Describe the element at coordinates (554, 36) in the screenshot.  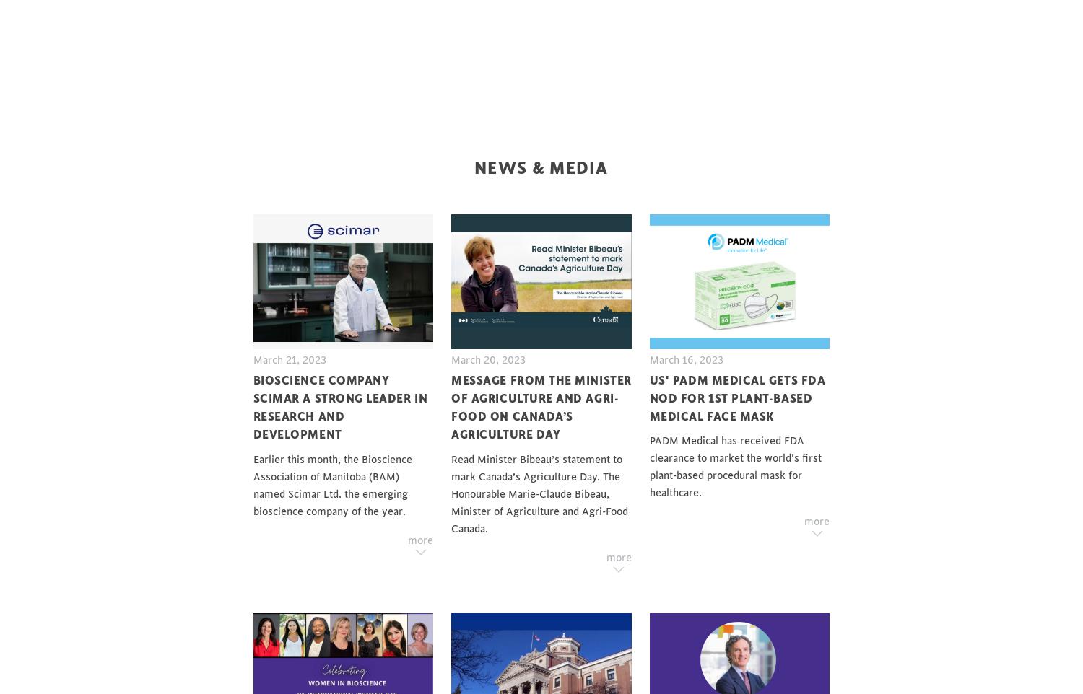
I see `'Job Postings'` at that location.